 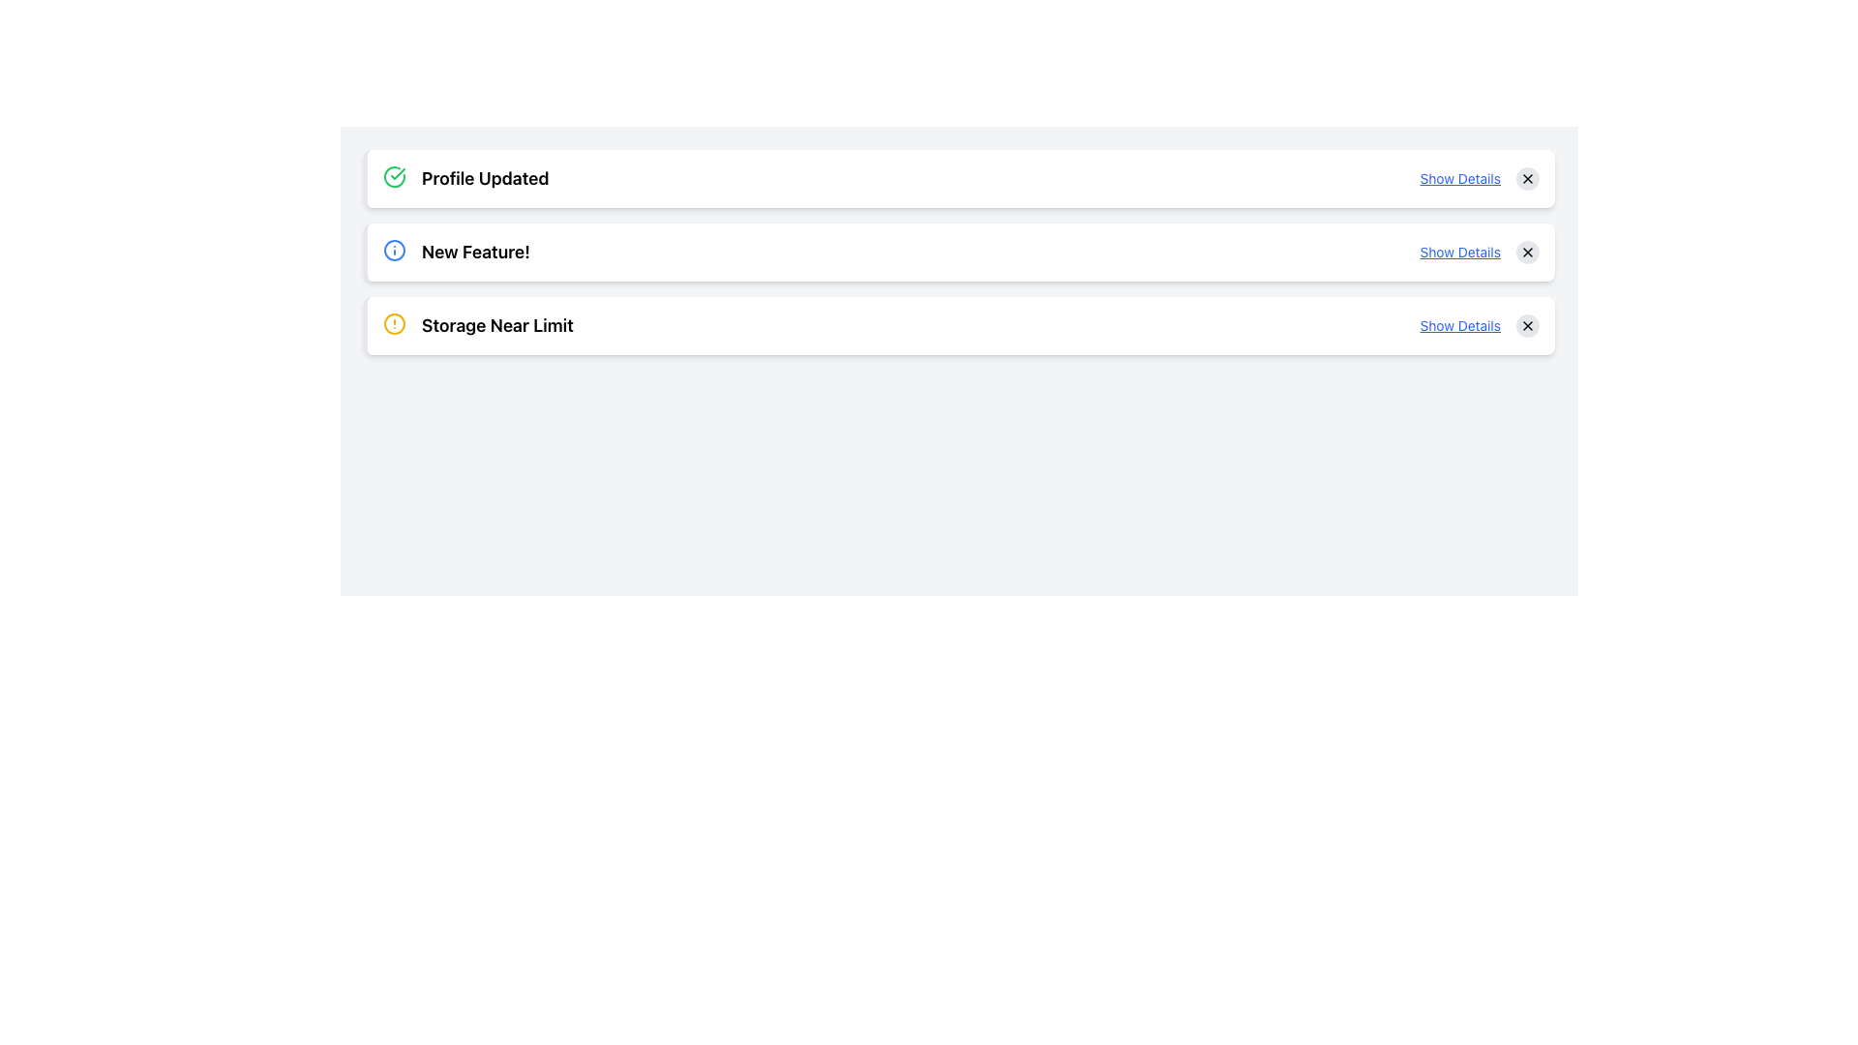 What do you see at coordinates (1479, 252) in the screenshot?
I see `the hyperlink in the 'New Feature!' notification card located in the upper-right section` at bounding box center [1479, 252].